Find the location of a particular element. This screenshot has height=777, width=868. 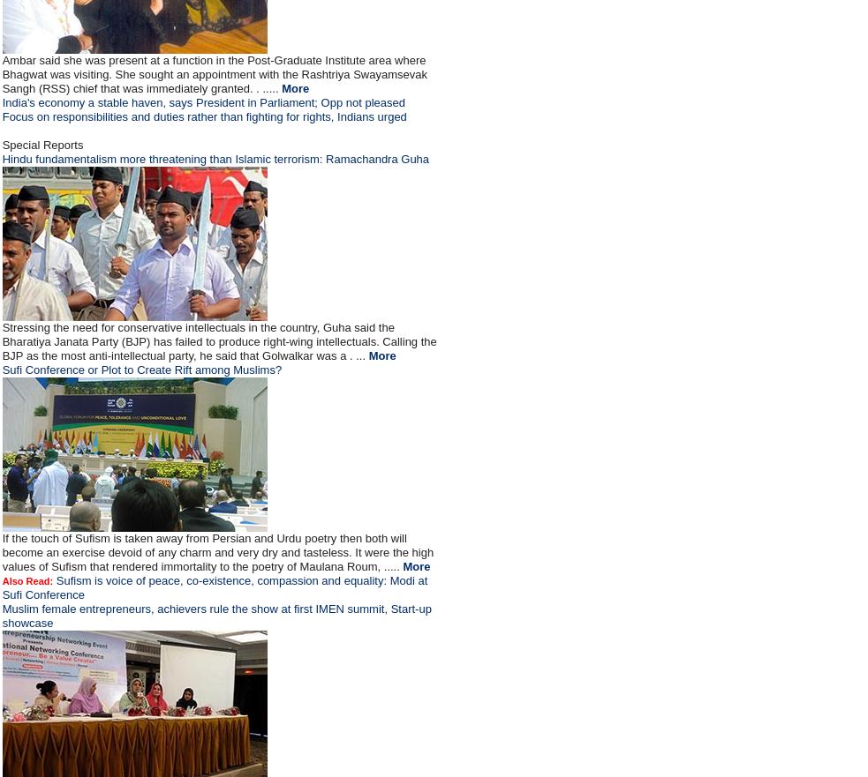

'Special Reports' is located at coordinates (41, 144).